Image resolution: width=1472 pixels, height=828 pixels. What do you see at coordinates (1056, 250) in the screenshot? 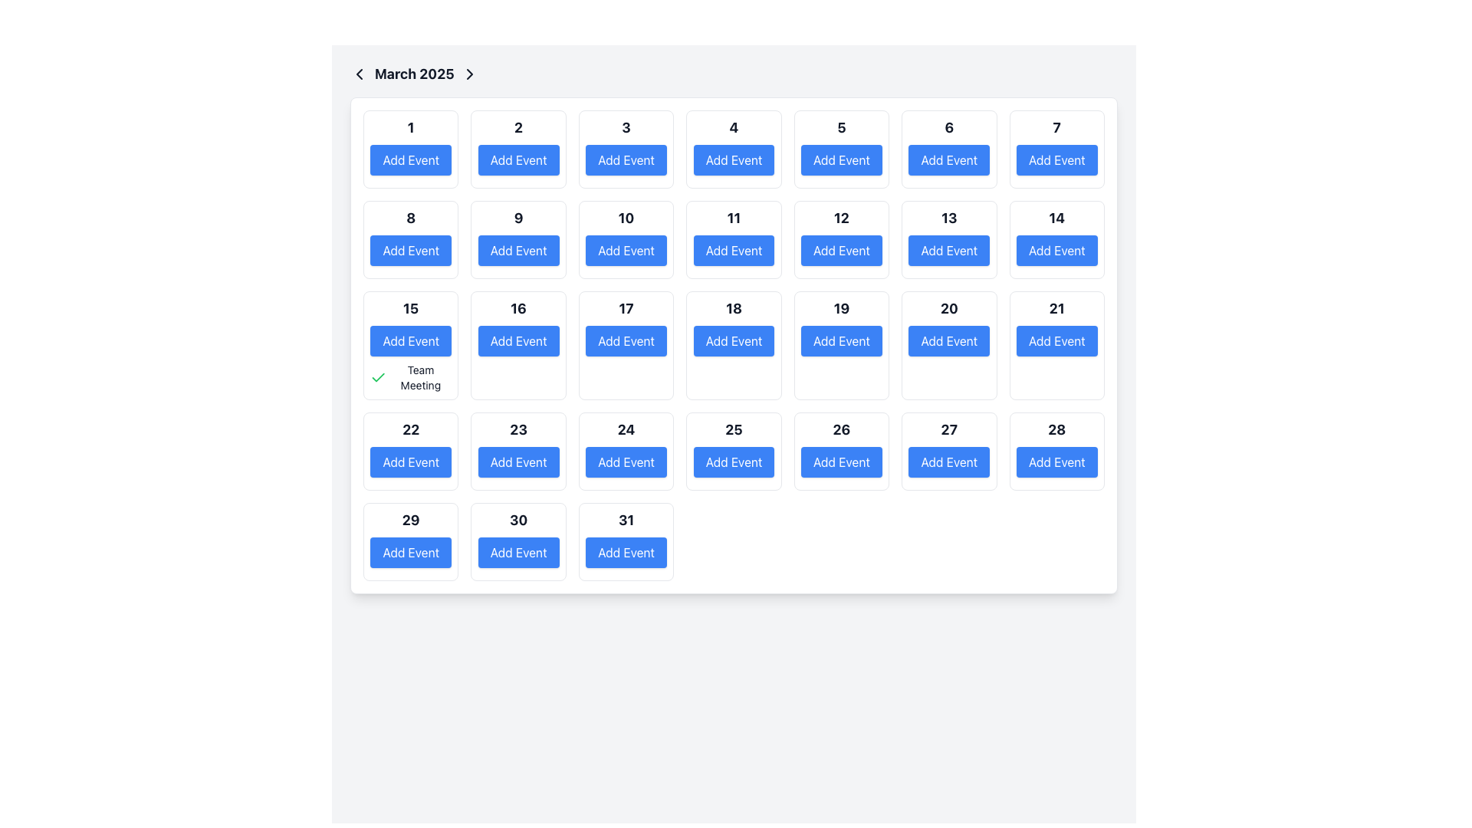
I see `the button associated with the date '14' in the calendar to initiate adding an event` at bounding box center [1056, 250].